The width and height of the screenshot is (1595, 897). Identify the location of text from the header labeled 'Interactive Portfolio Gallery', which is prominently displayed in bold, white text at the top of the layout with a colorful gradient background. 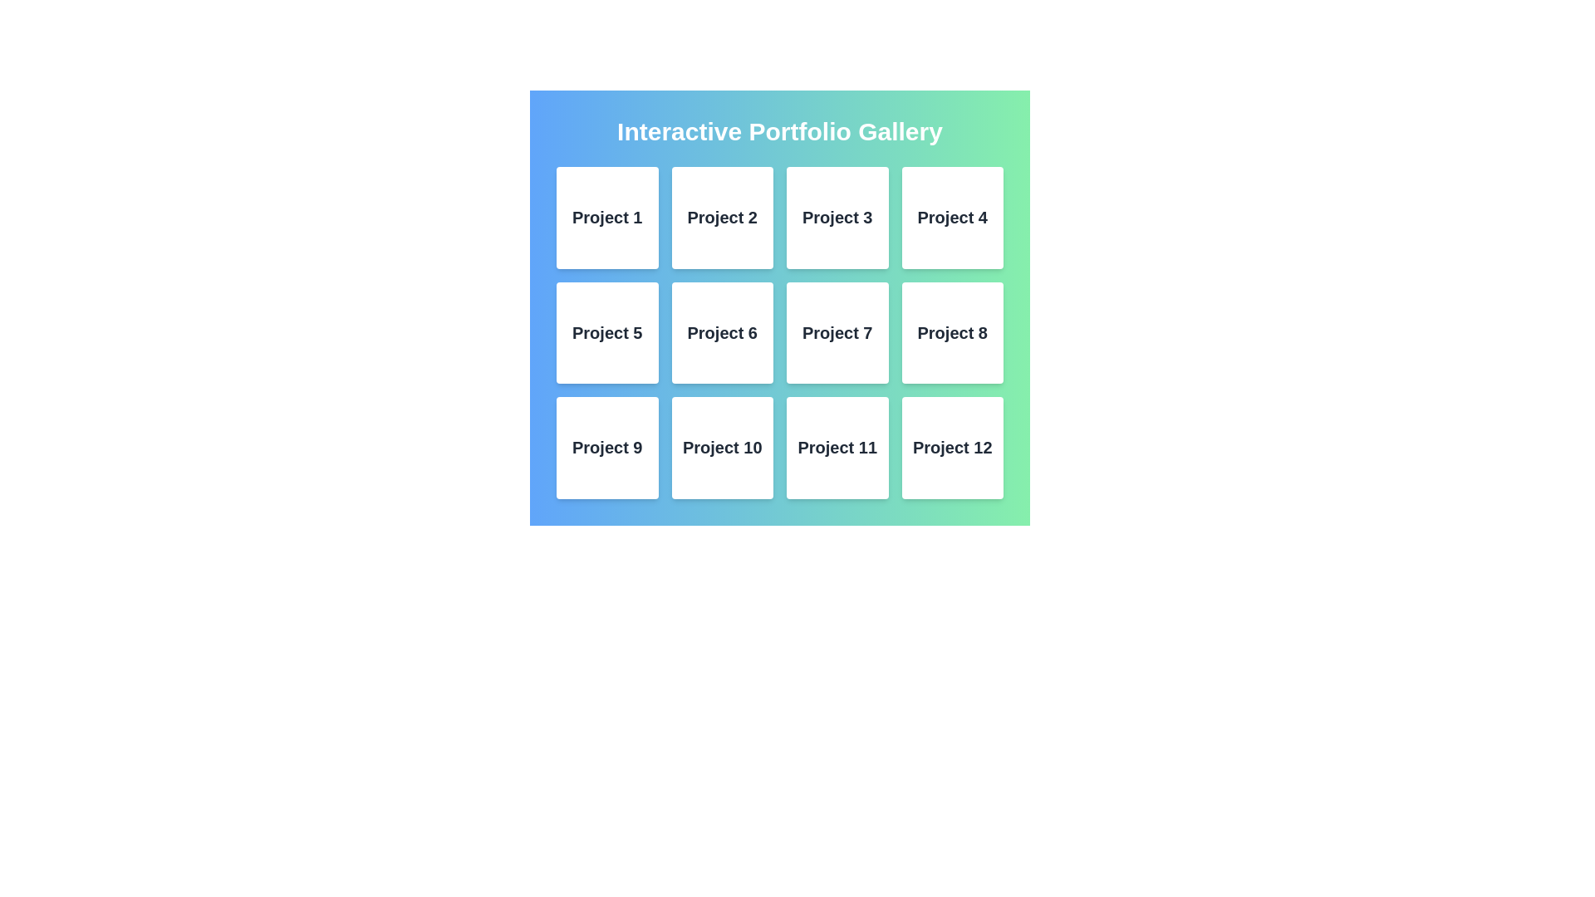
(779, 130).